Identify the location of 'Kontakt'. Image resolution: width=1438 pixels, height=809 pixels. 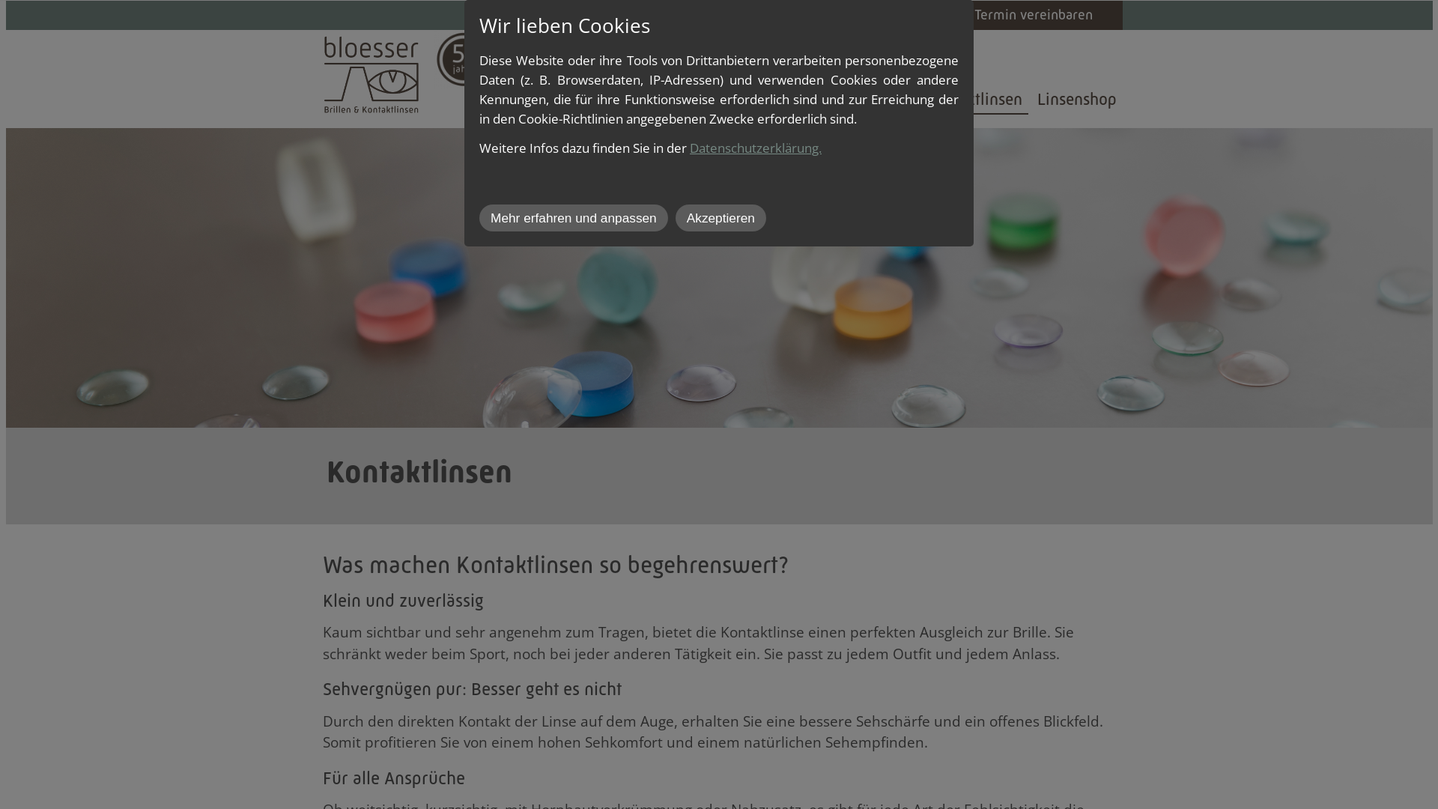
(890, 14).